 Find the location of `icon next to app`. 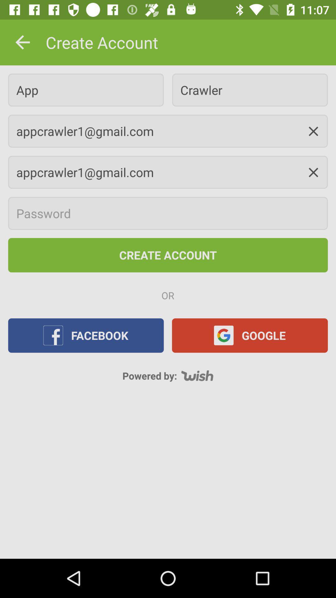

icon next to app is located at coordinates (250, 90).